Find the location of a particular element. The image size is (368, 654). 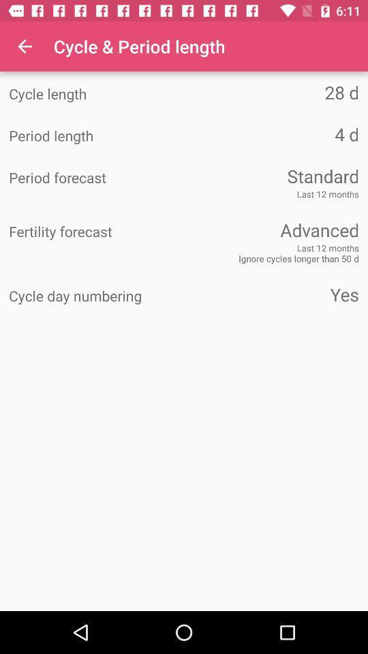

the icon to the right of the cycle length item is located at coordinates (271, 91).